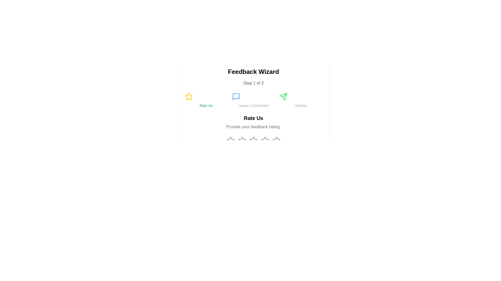 The image size is (501, 281). I want to click on over the first star icon in the star-rating feature, so click(230, 140).